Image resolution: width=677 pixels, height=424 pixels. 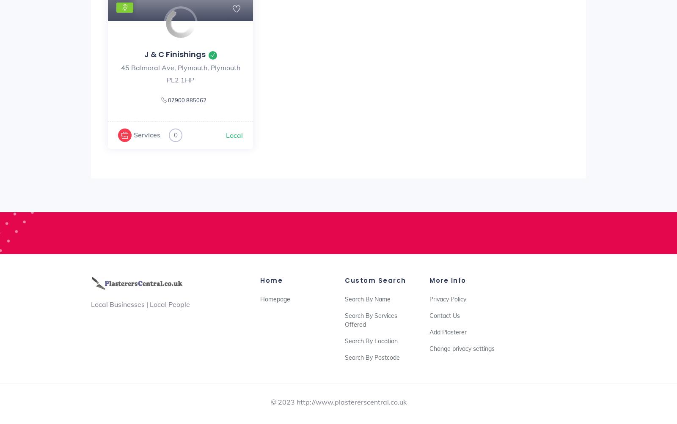 What do you see at coordinates (179, 73) in the screenshot?
I see `'45 Balmoral Ave, Plymouth, Plymouth PL2 1HP'` at bounding box center [179, 73].